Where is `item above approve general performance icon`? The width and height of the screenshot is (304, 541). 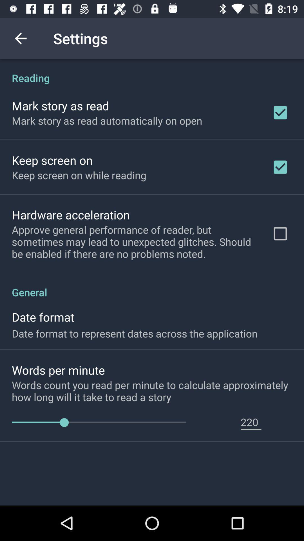 item above approve general performance icon is located at coordinates (70, 214).